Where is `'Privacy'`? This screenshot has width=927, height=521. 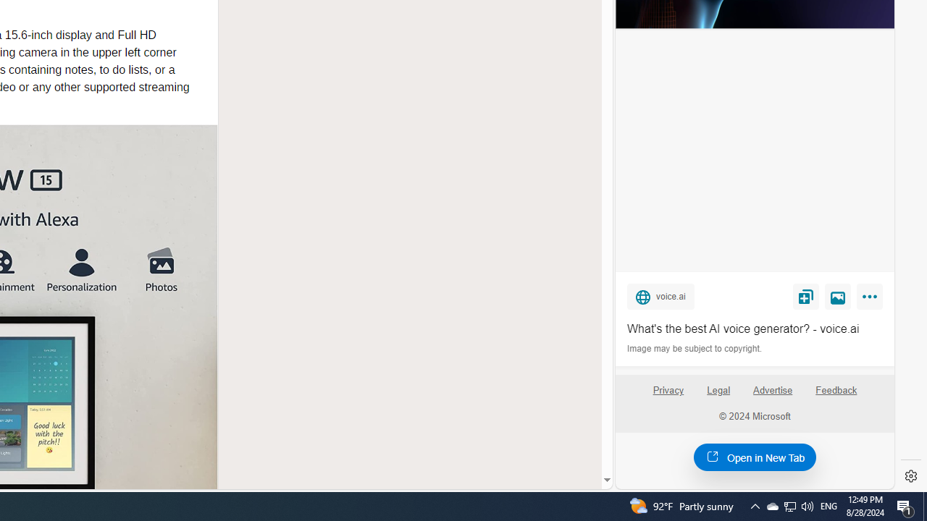 'Privacy' is located at coordinates (667, 389).